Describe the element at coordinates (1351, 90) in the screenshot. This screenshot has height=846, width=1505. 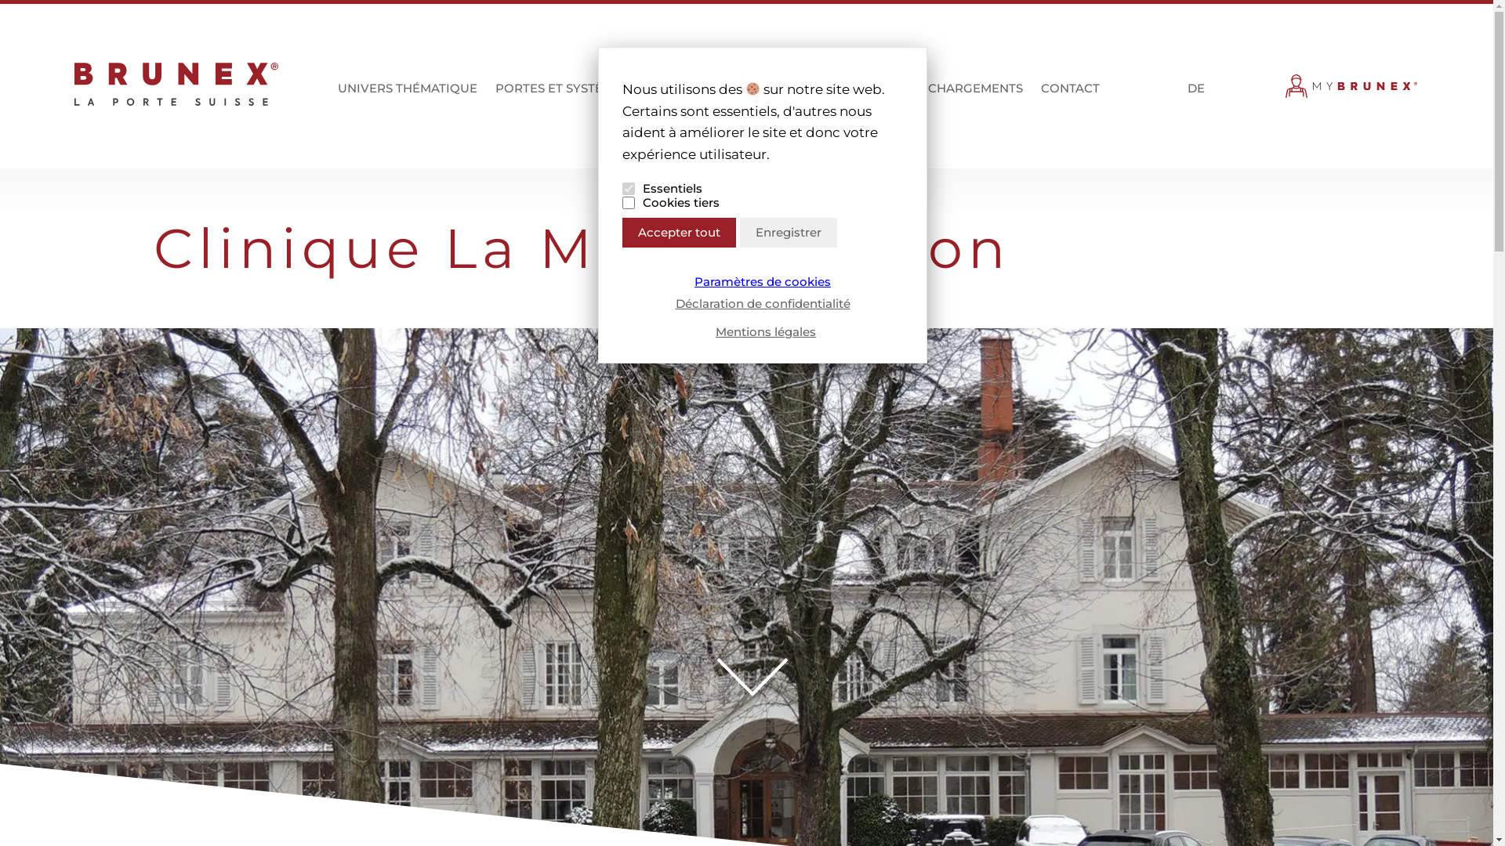
I see `'MYBRUNEX'` at that location.